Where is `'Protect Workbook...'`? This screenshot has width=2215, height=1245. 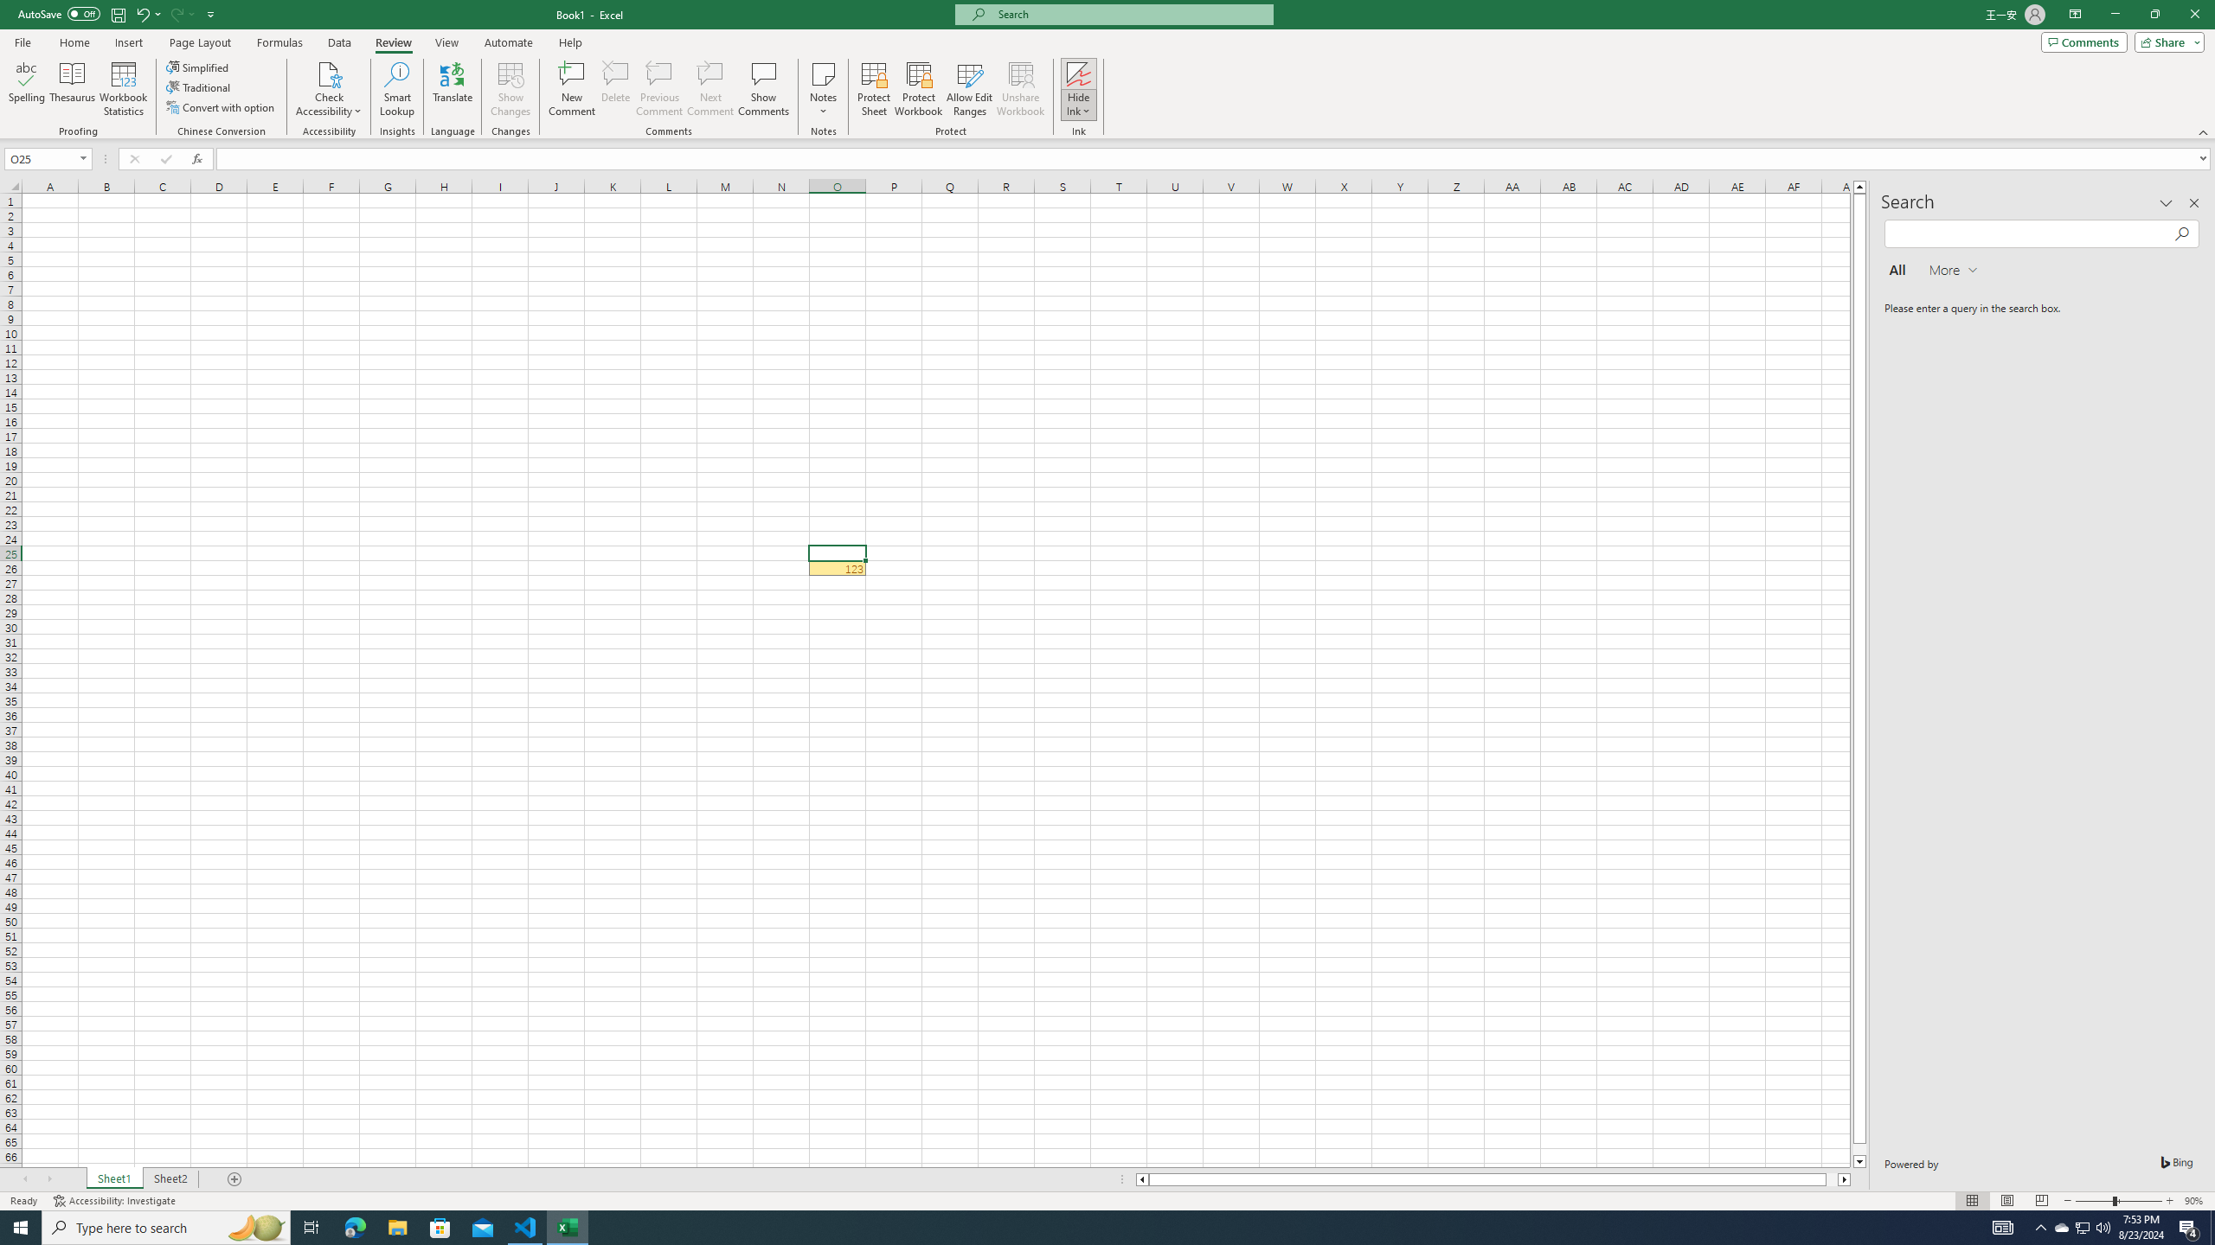
'Protect Workbook...' is located at coordinates (918, 89).